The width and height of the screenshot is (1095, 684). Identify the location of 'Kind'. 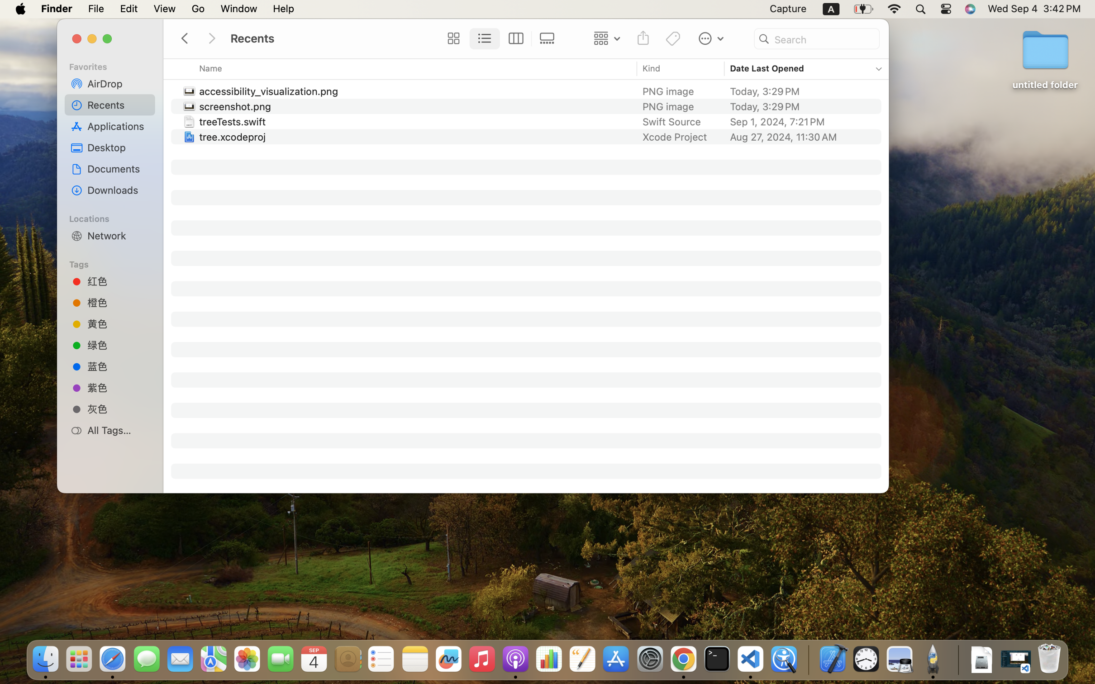
(651, 68).